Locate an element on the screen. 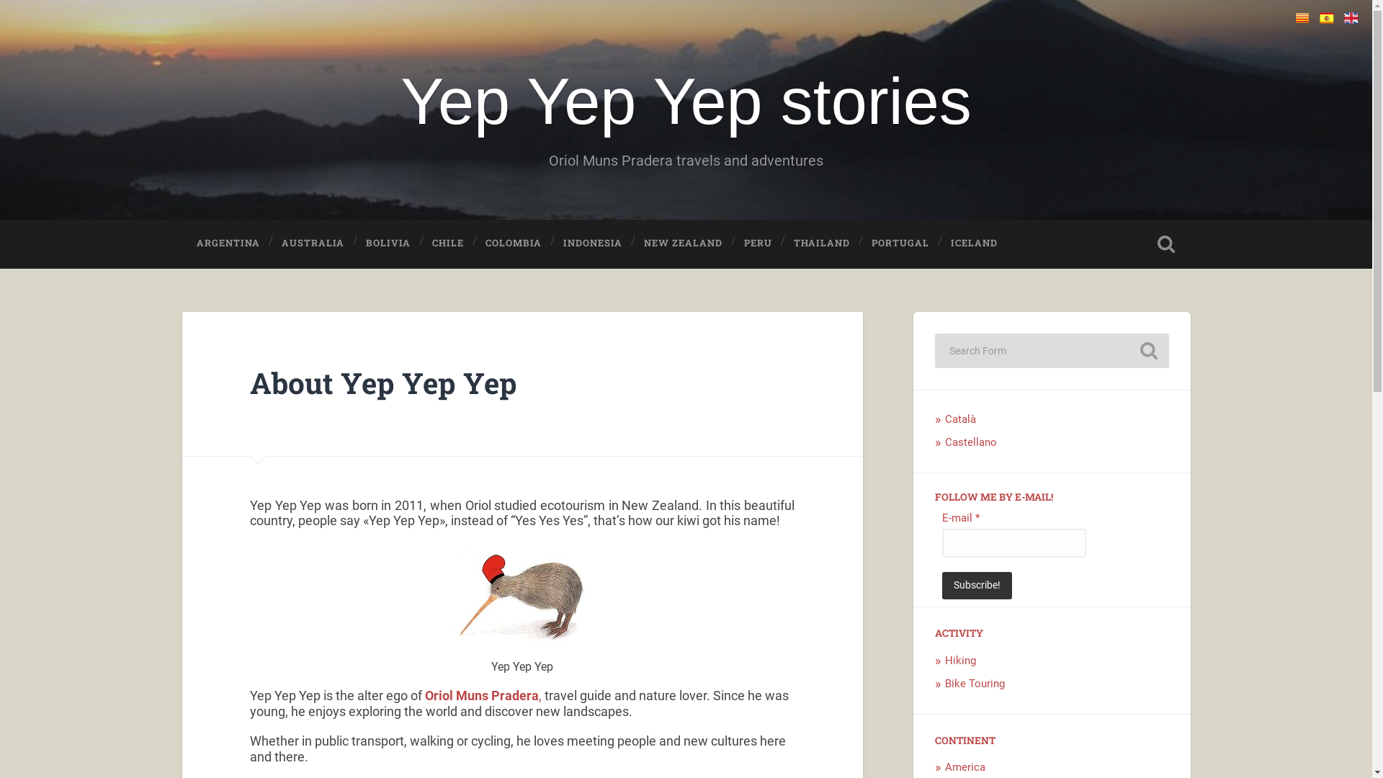 The height and width of the screenshot is (778, 1383). 'Castellano' is located at coordinates (971, 441).